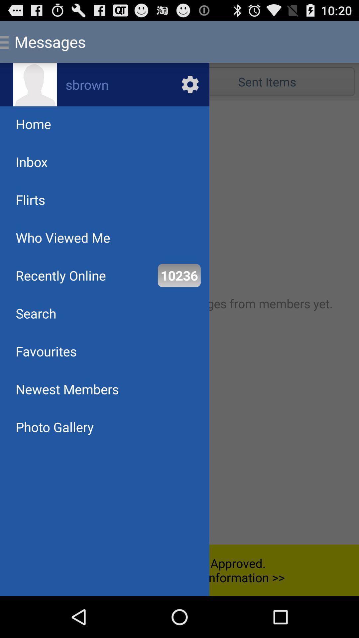 The width and height of the screenshot is (359, 638). I want to click on the photo gallery at the bottom left corner, so click(54, 427).